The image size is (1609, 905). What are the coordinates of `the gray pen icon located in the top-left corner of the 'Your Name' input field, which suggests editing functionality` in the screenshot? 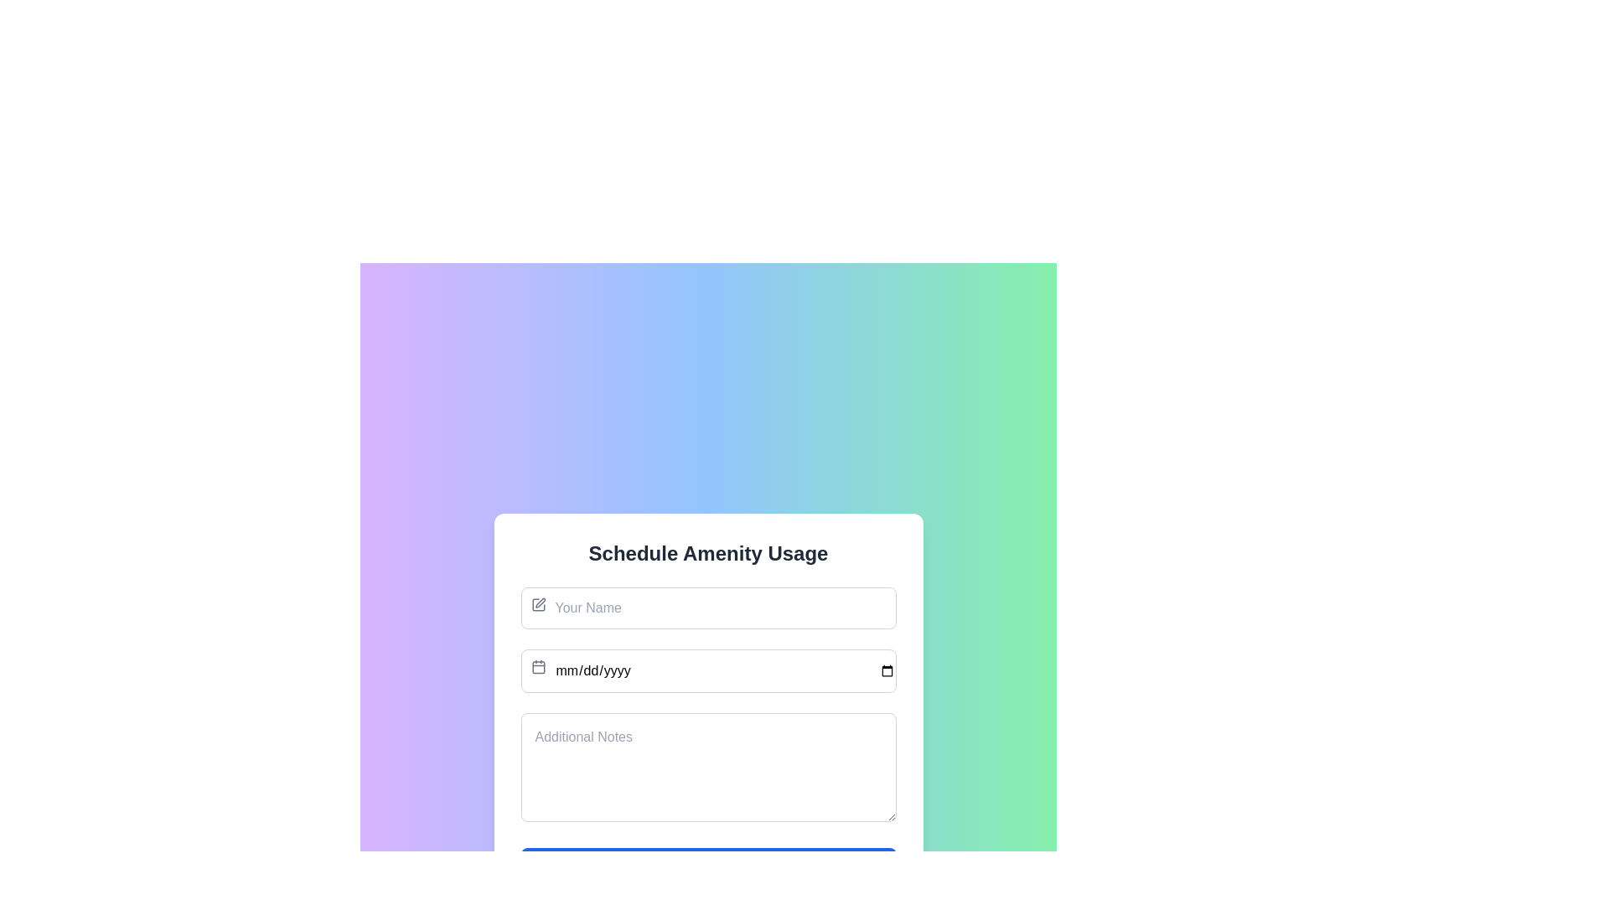 It's located at (538, 604).